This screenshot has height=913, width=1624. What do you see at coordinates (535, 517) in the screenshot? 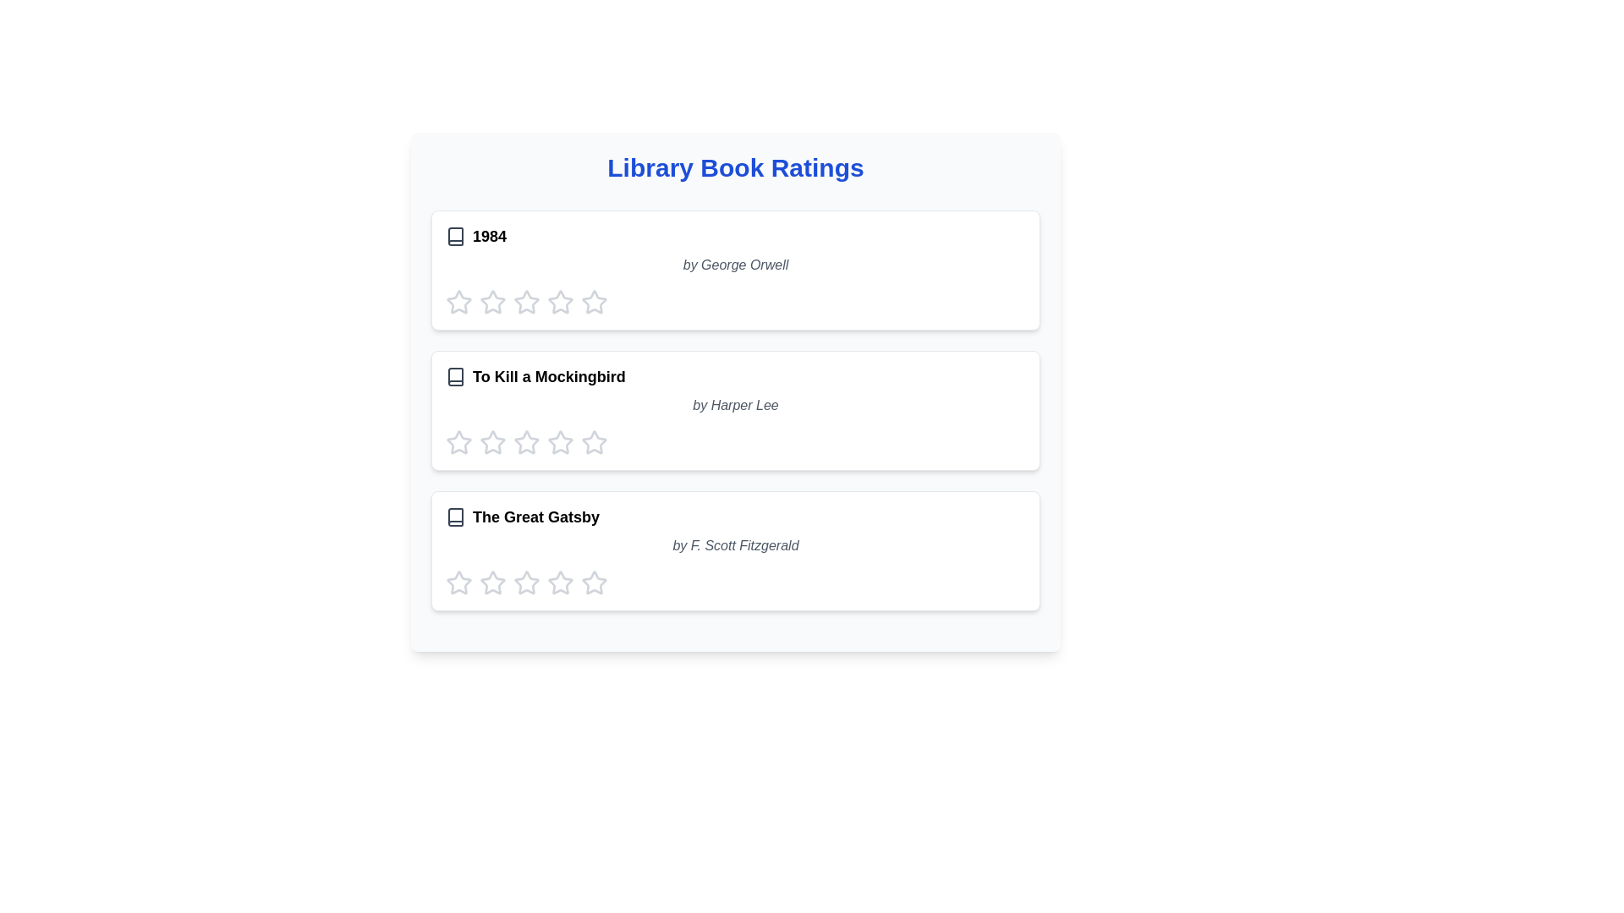
I see `the text label 'The Great Gatsby', which is the third entry in the book details list, visually distinct with bold, large font, located above the author name section` at bounding box center [535, 517].